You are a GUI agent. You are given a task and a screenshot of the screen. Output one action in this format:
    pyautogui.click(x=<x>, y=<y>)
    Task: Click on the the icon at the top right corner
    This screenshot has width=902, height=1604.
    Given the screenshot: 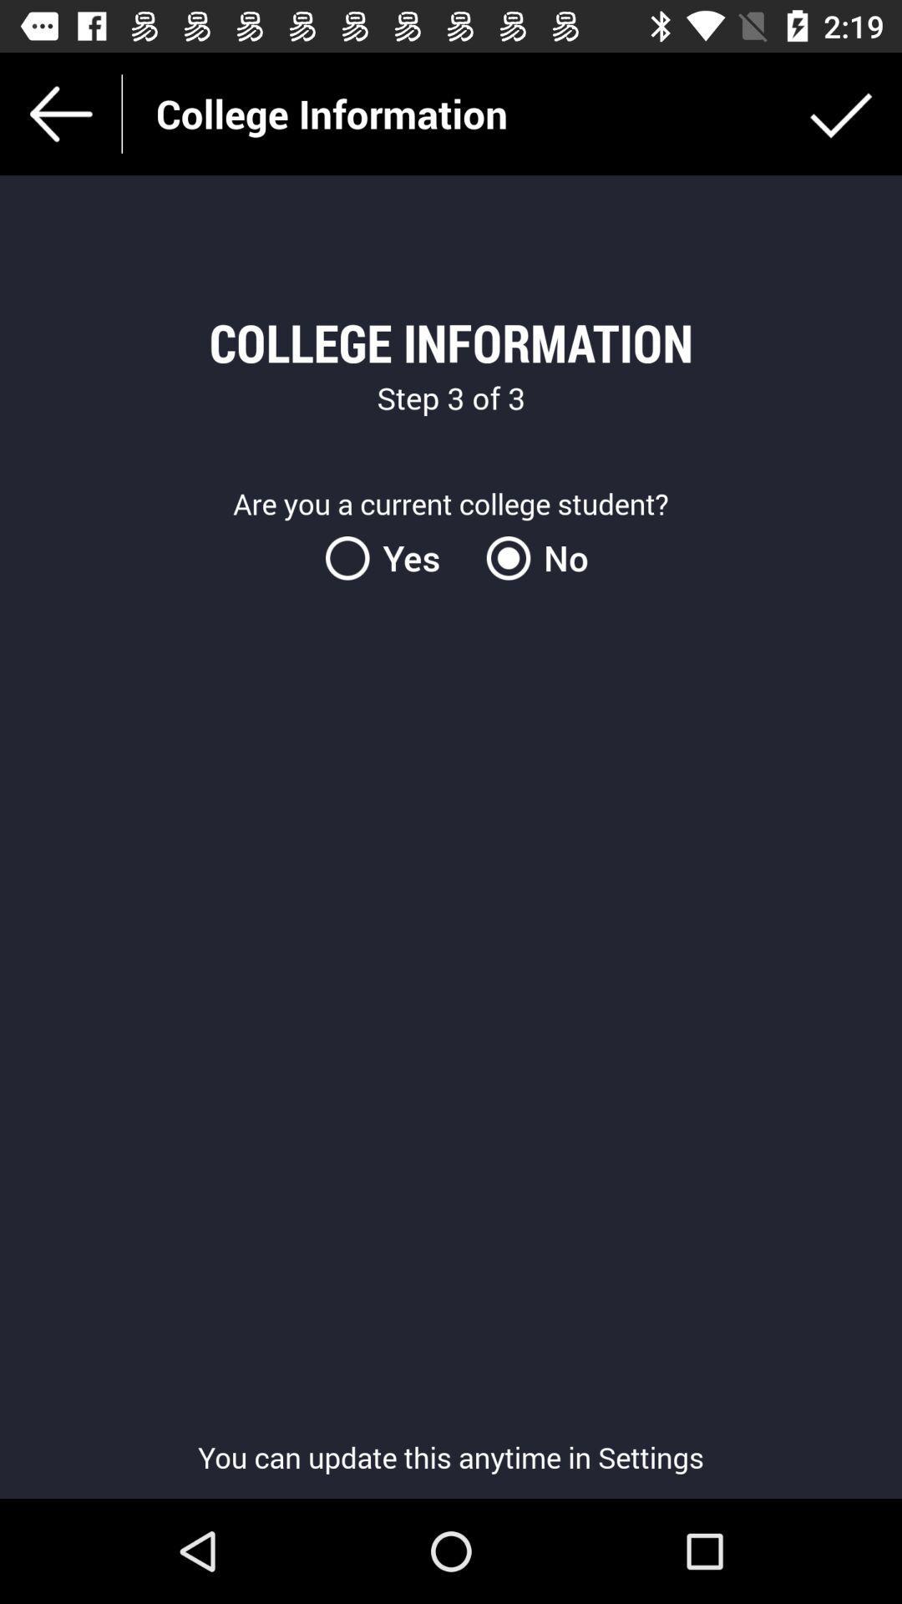 What is the action you would take?
    pyautogui.click(x=840, y=113)
    